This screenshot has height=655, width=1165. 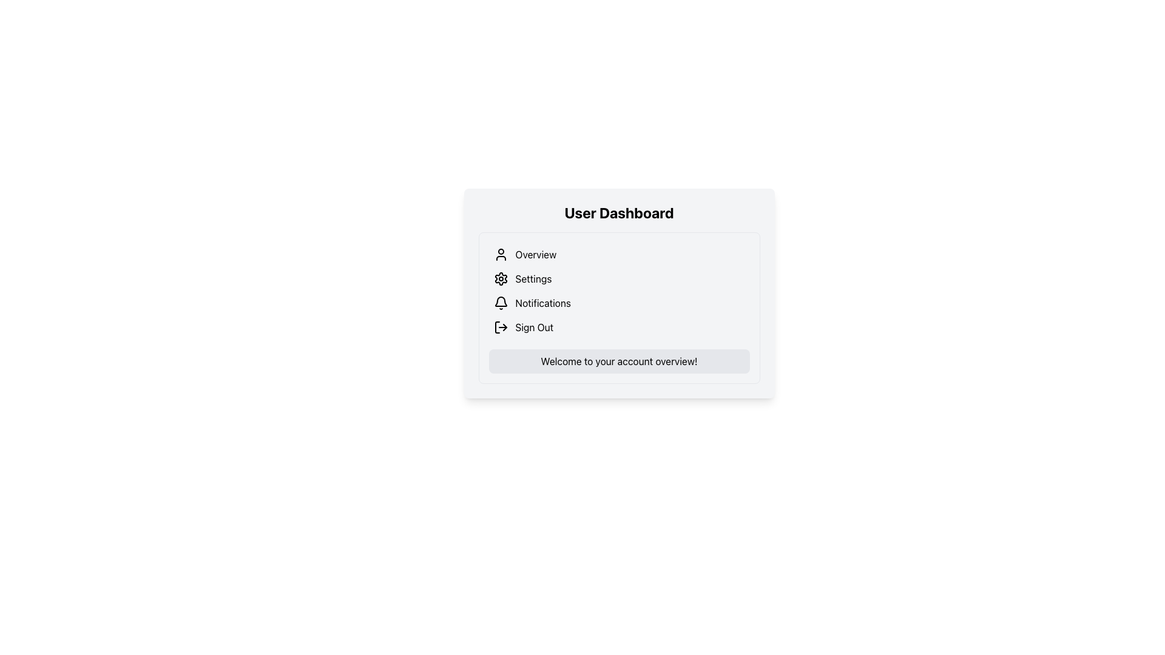 What do you see at coordinates (501, 303) in the screenshot?
I see `the 'Notifications' menu item by clicking on the icon, which is the first component of the menu under 'User Dashboard'` at bounding box center [501, 303].